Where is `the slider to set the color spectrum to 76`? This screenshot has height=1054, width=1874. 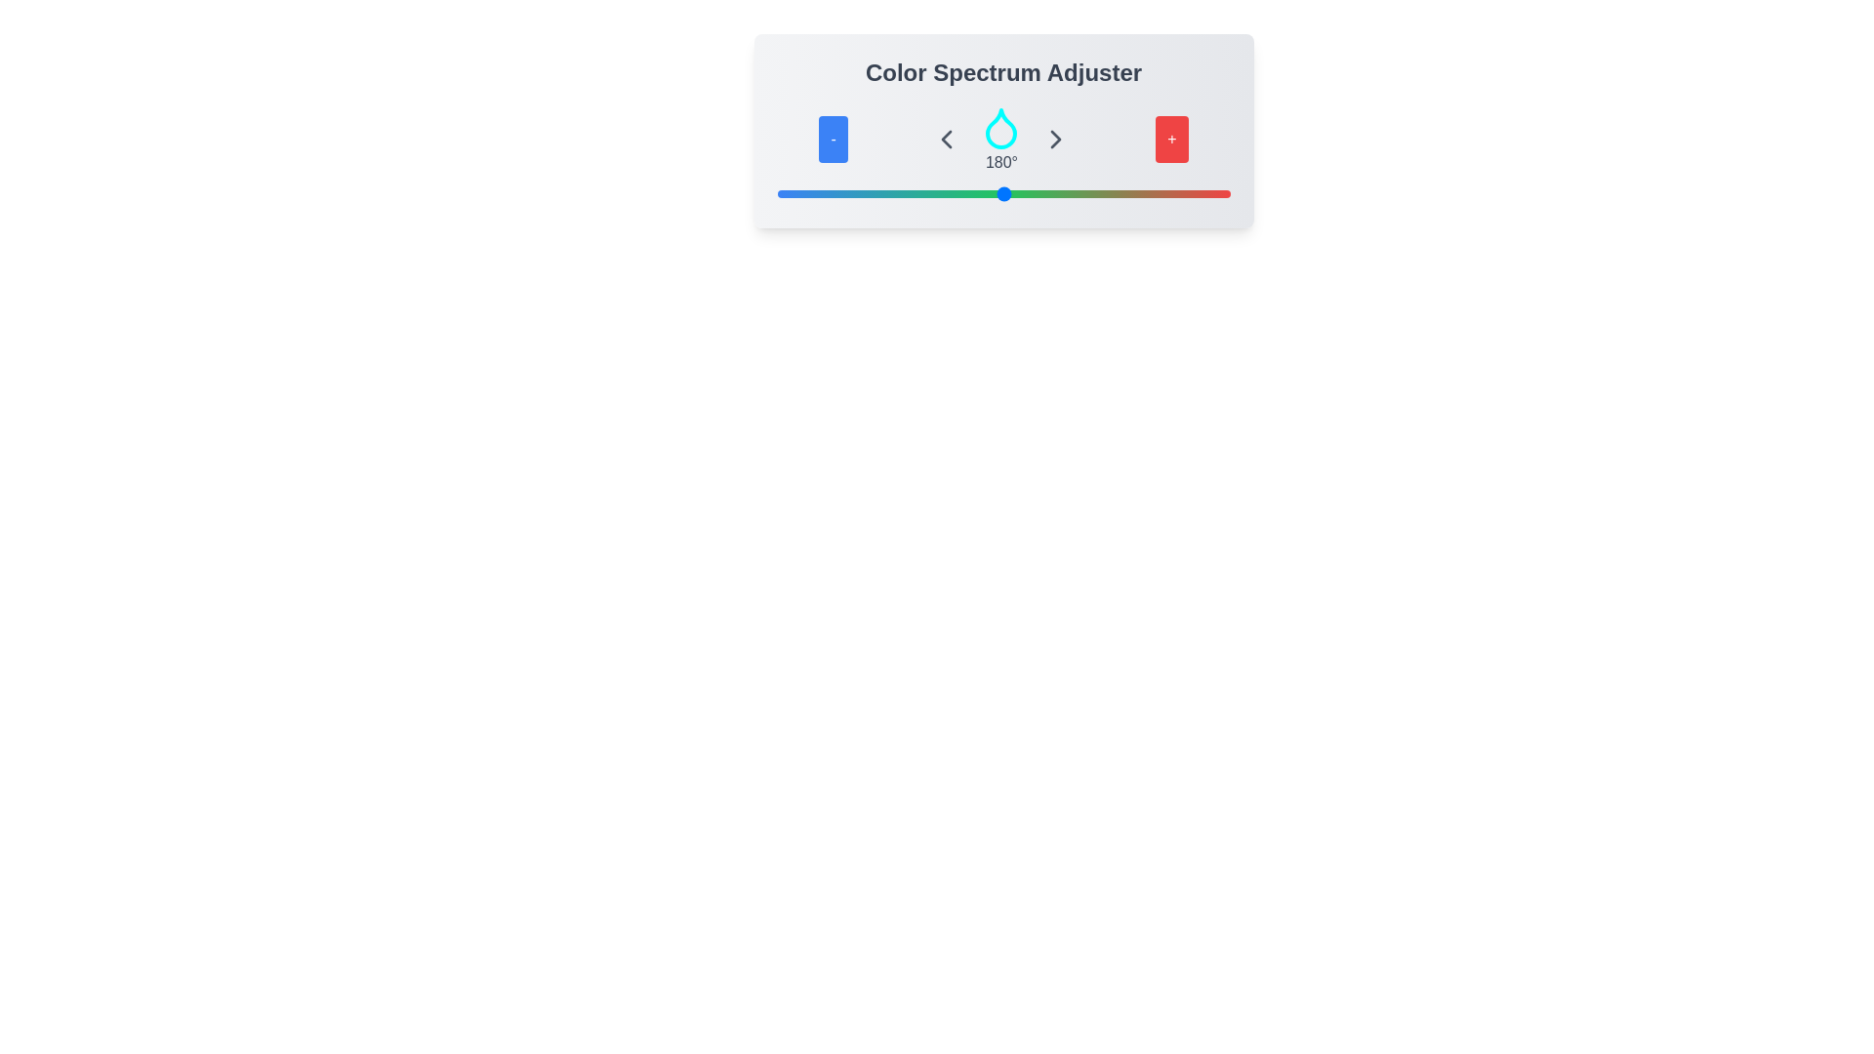 the slider to set the color spectrum to 76 is located at coordinates (872, 194).